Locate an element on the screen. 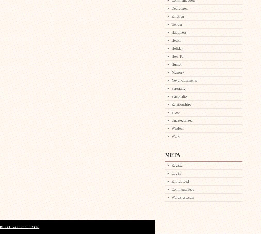 This screenshot has width=261, height=234. 'Humor' is located at coordinates (171, 64).